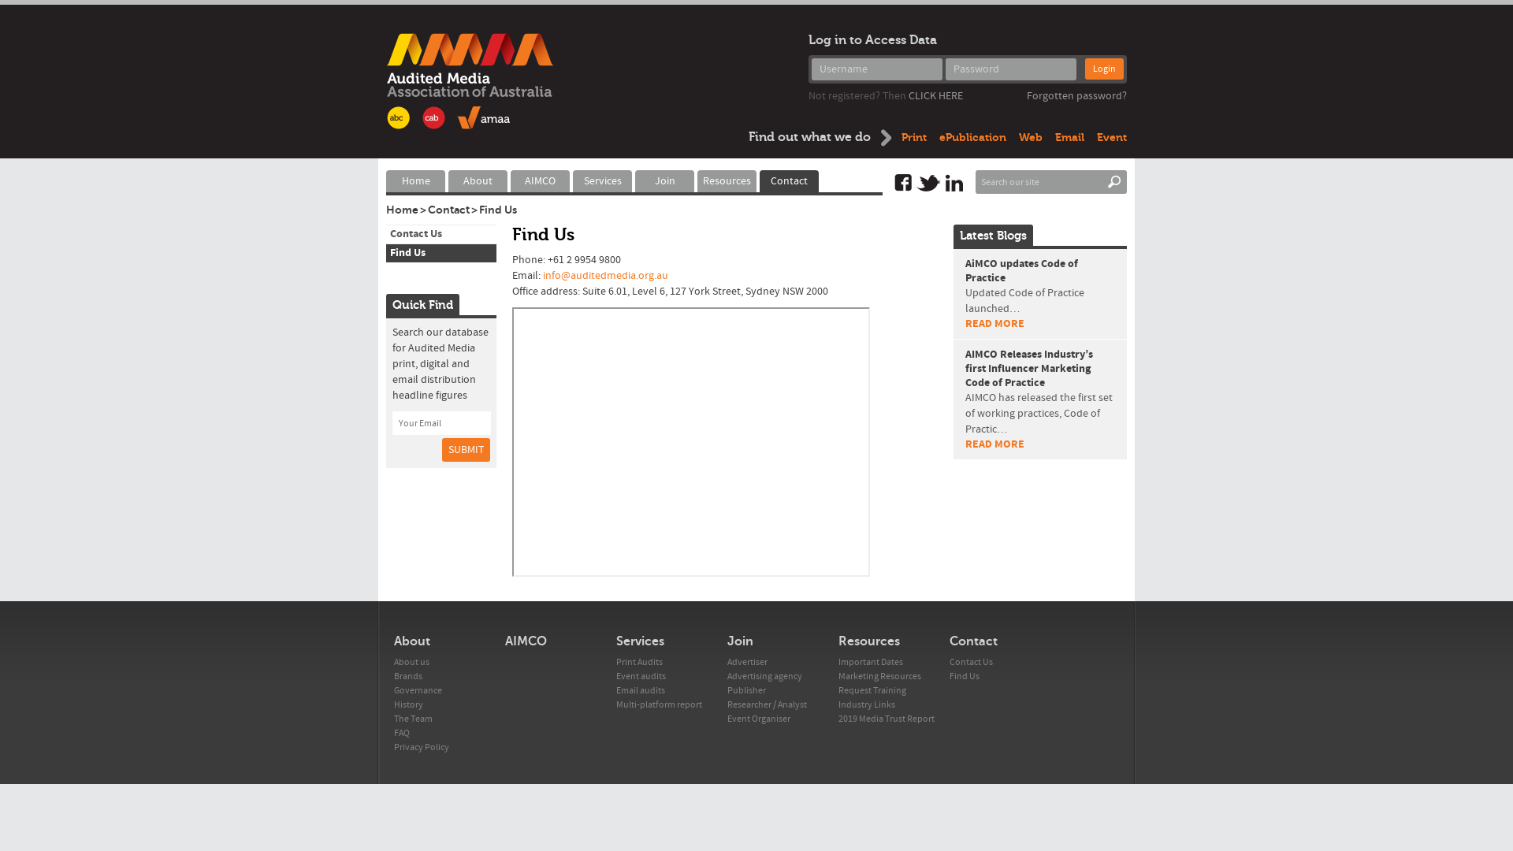 The height and width of the screenshot is (851, 1513). What do you see at coordinates (1103, 68) in the screenshot?
I see `'Login'` at bounding box center [1103, 68].